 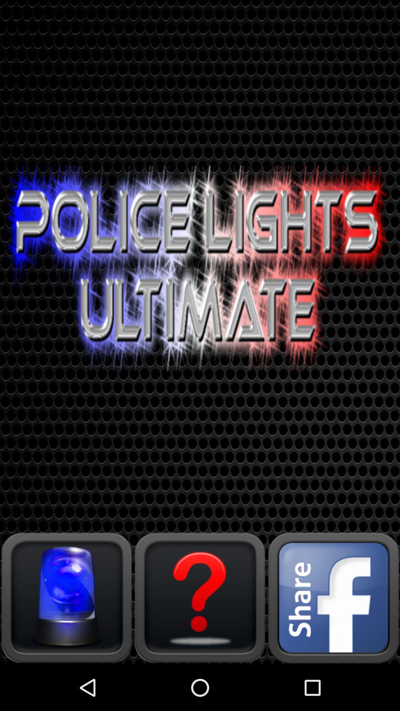 I want to click on police lights ultimate, so click(x=67, y=597).